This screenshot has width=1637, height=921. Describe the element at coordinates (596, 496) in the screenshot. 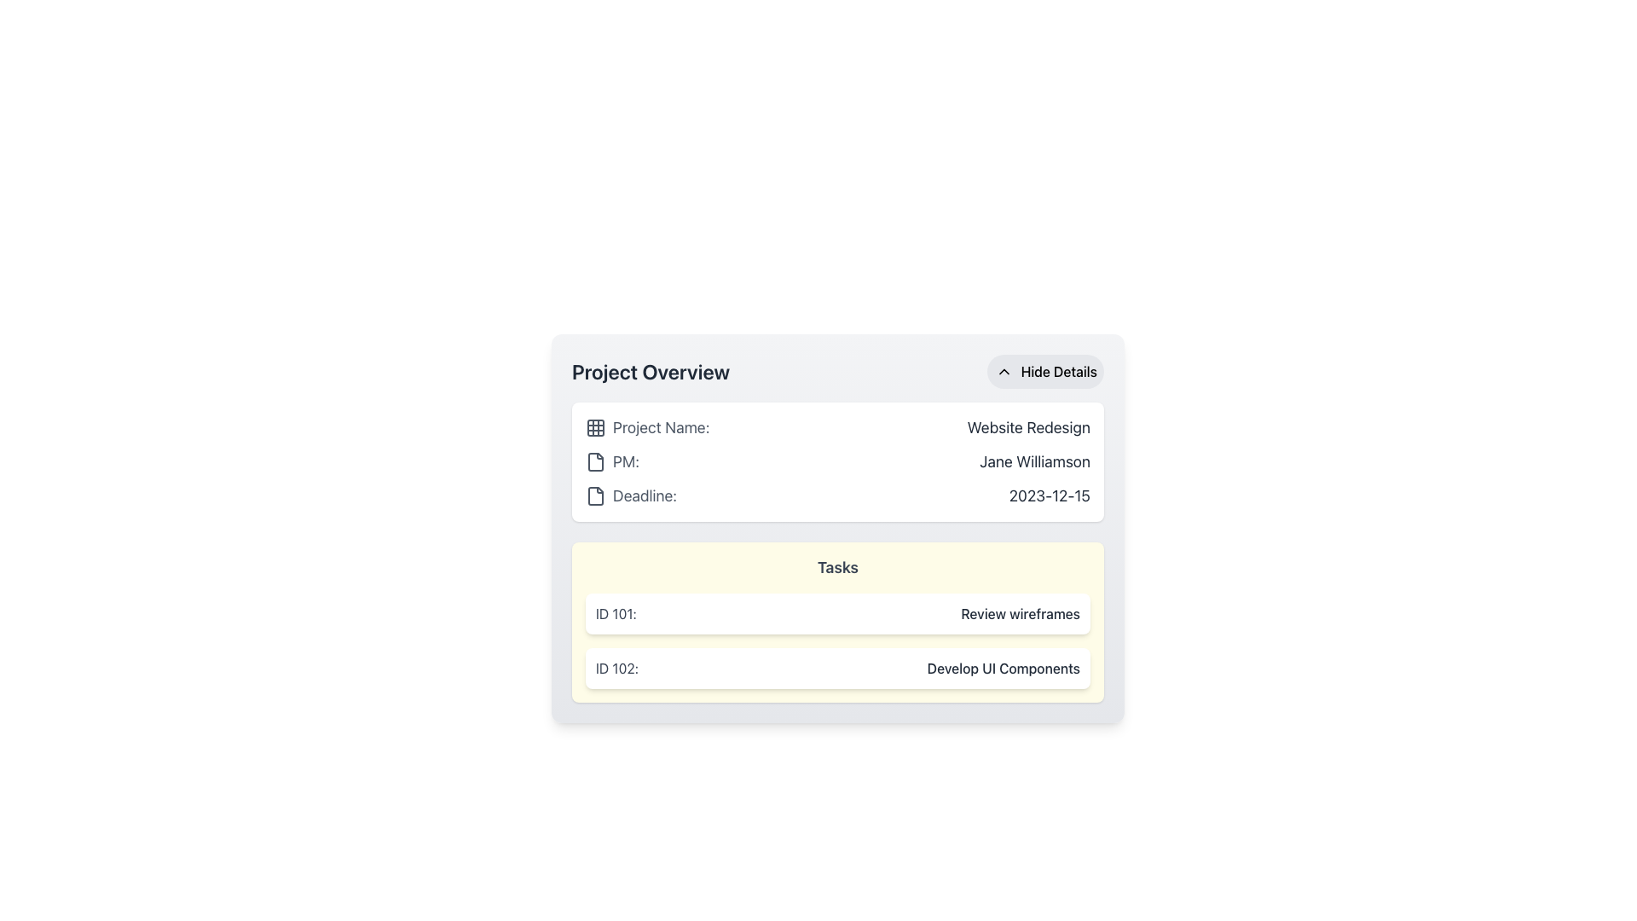

I see `the icon positioned` at that location.